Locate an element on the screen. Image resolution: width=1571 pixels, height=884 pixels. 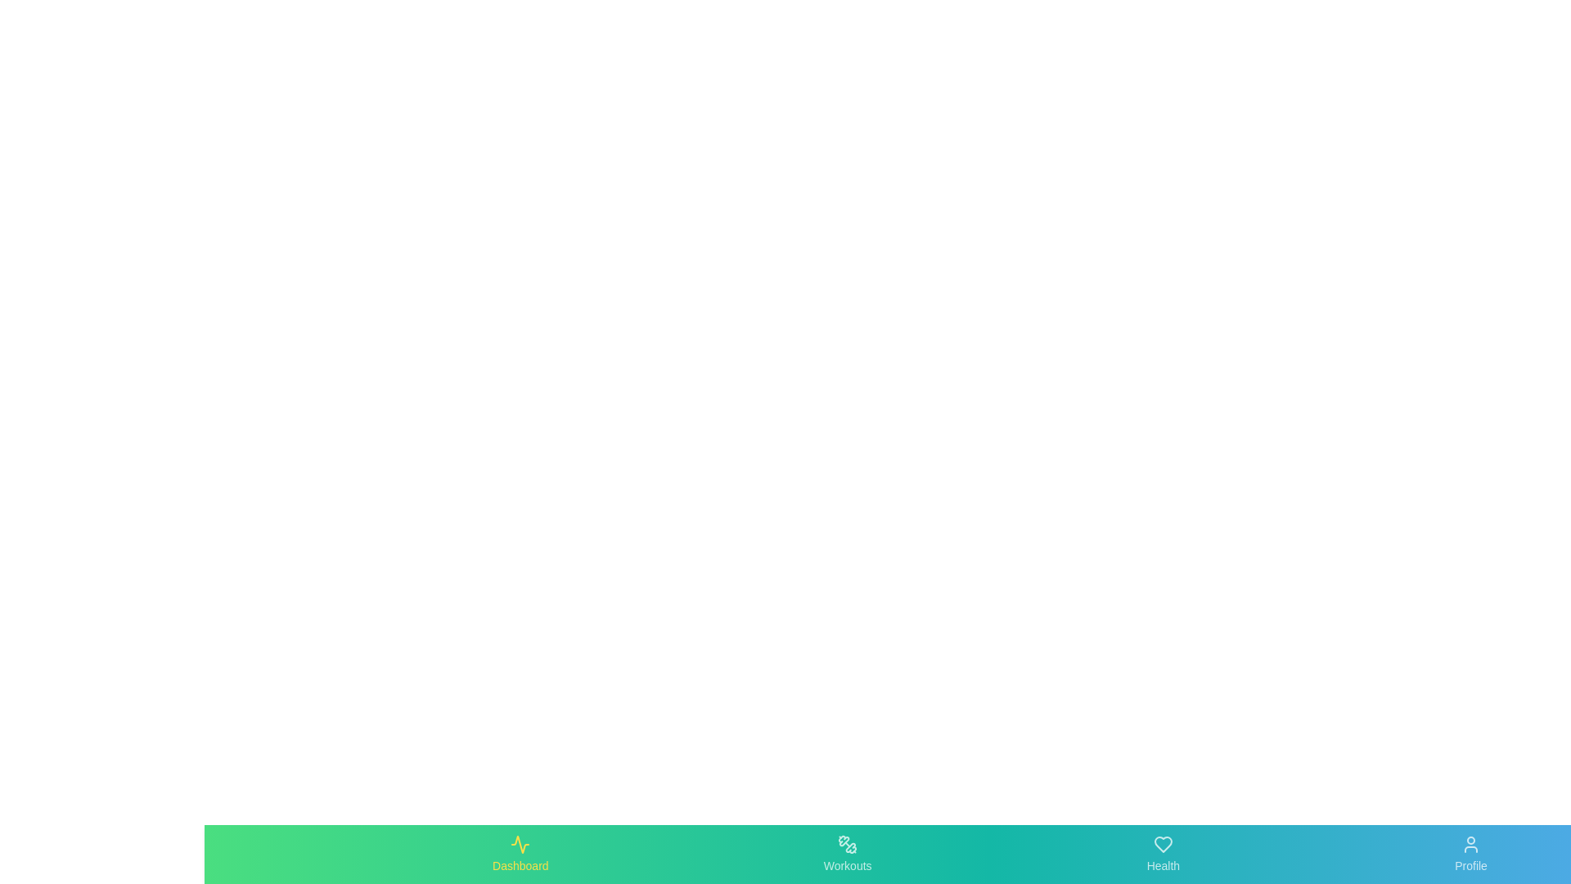
the Health tab by clicking on its button is located at coordinates (1161, 854).